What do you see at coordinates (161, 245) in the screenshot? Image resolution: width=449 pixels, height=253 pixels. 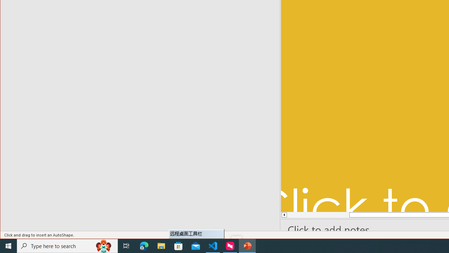 I see `'File Explorer'` at bounding box center [161, 245].